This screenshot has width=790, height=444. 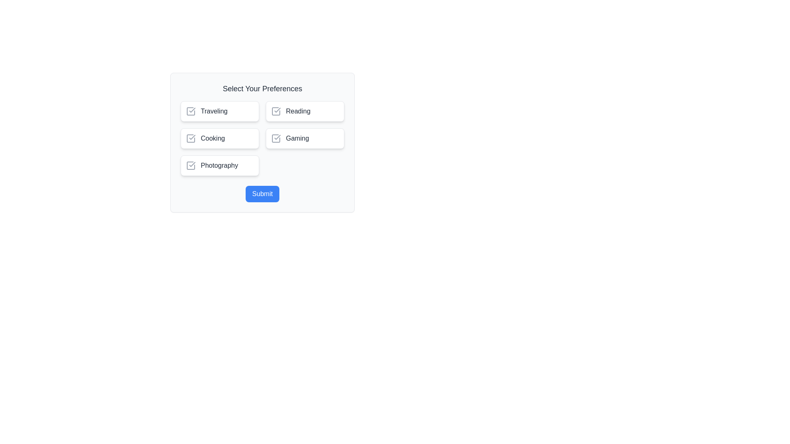 What do you see at coordinates (220, 111) in the screenshot?
I see `the checkbox for 'Traveling'` at bounding box center [220, 111].